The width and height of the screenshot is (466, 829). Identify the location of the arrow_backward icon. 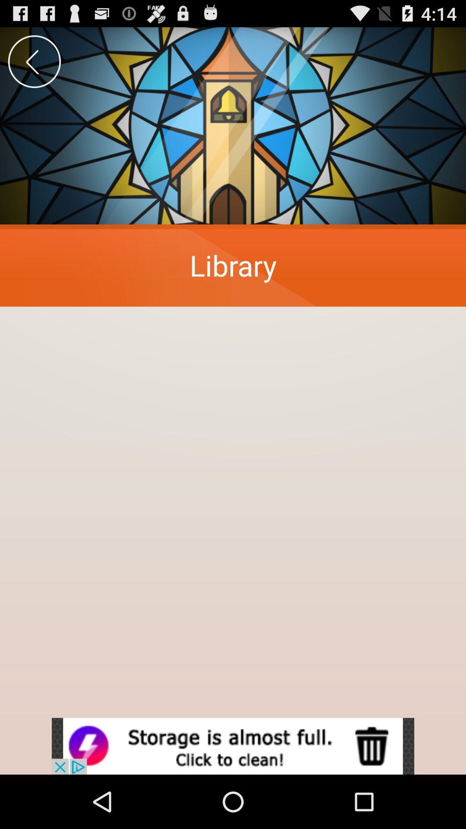
(34, 65).